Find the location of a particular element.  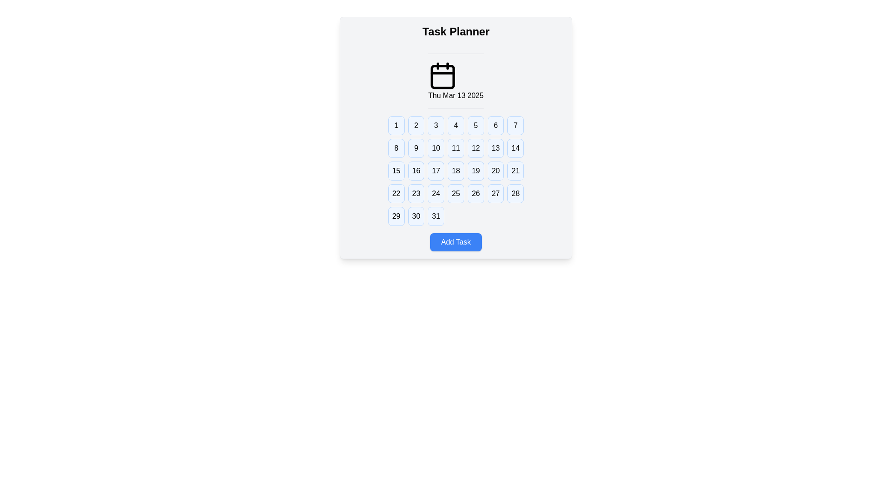

the text element representing day 25 in the calendar layout, positioned in the fourth row of the grid is located at coordinates (456, 193).